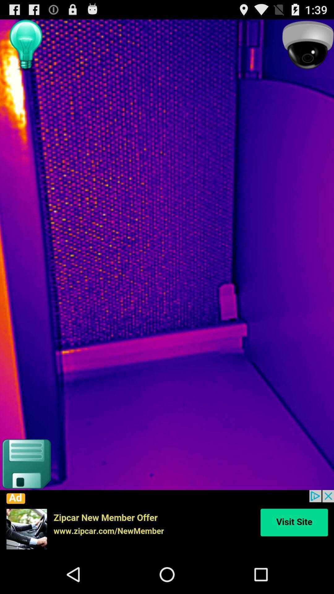 The image size is (334, 594). Describe the element at coordinates (26, 48) in the screenshot. I see `the avatar icon` at that location.